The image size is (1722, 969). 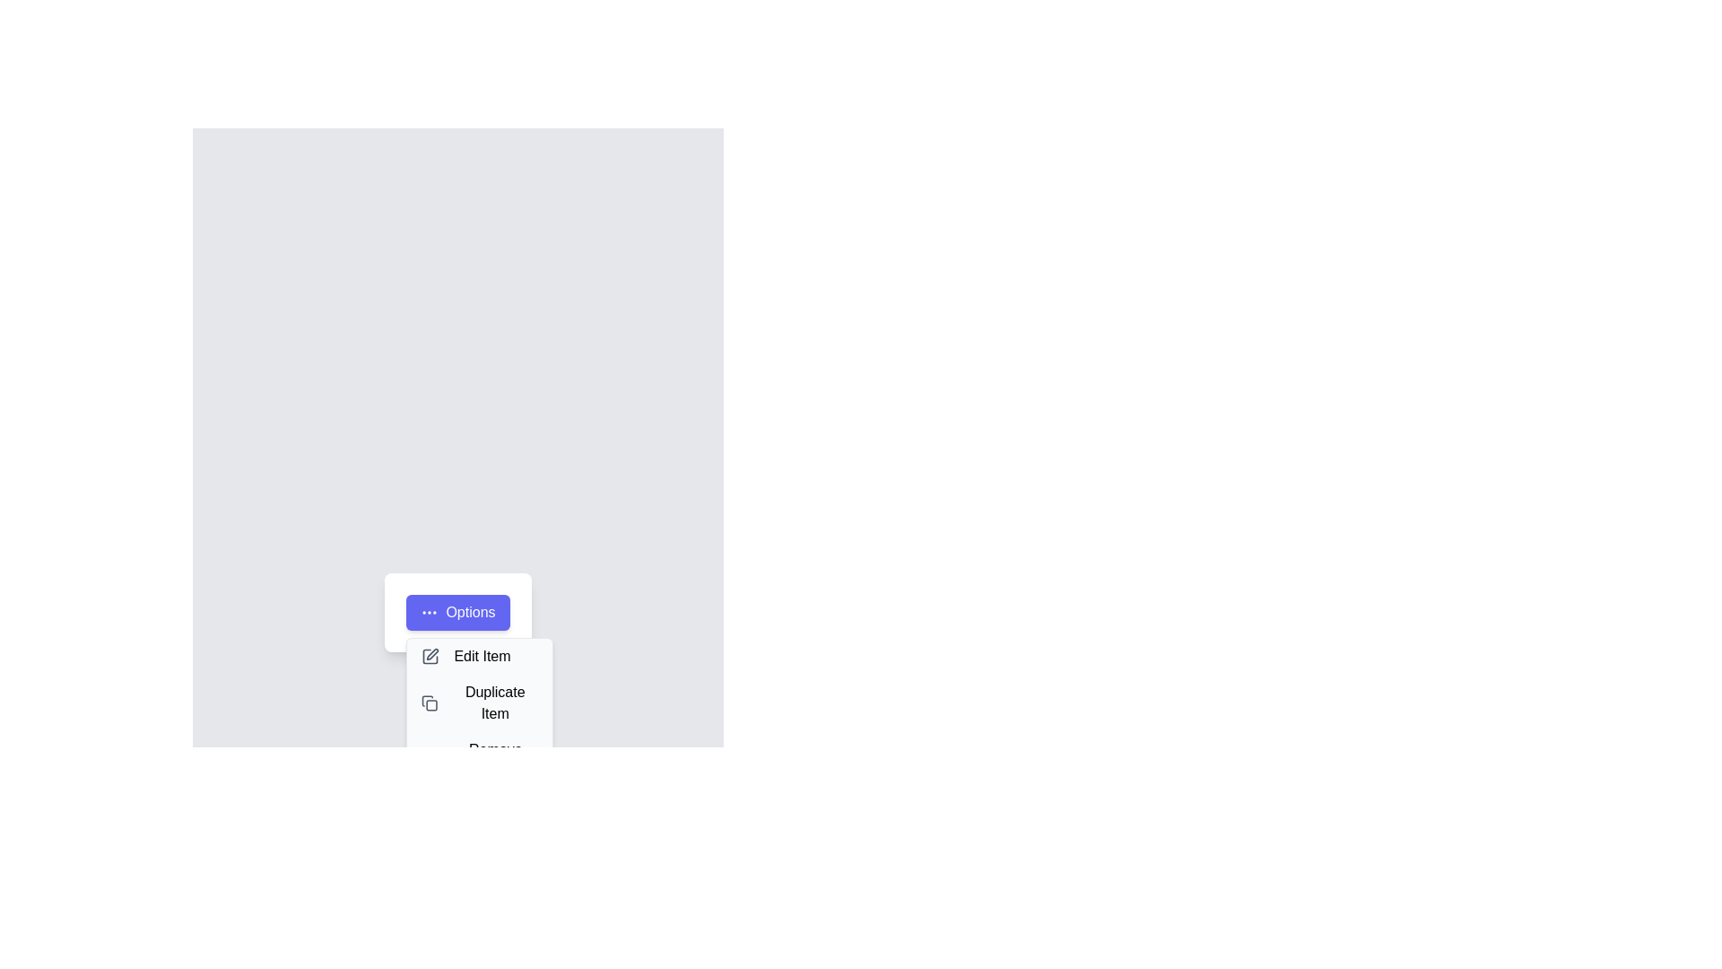 I want to click on the 'Options' button to toggle the dropdown menu, so click(x=457, y=611).